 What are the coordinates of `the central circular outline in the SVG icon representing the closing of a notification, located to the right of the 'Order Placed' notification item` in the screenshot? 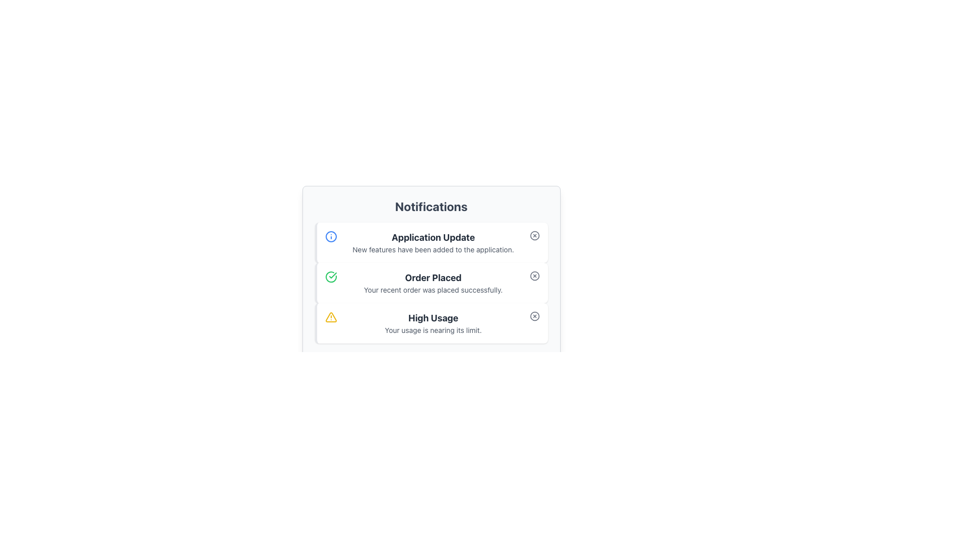 It's located at (534, 276).